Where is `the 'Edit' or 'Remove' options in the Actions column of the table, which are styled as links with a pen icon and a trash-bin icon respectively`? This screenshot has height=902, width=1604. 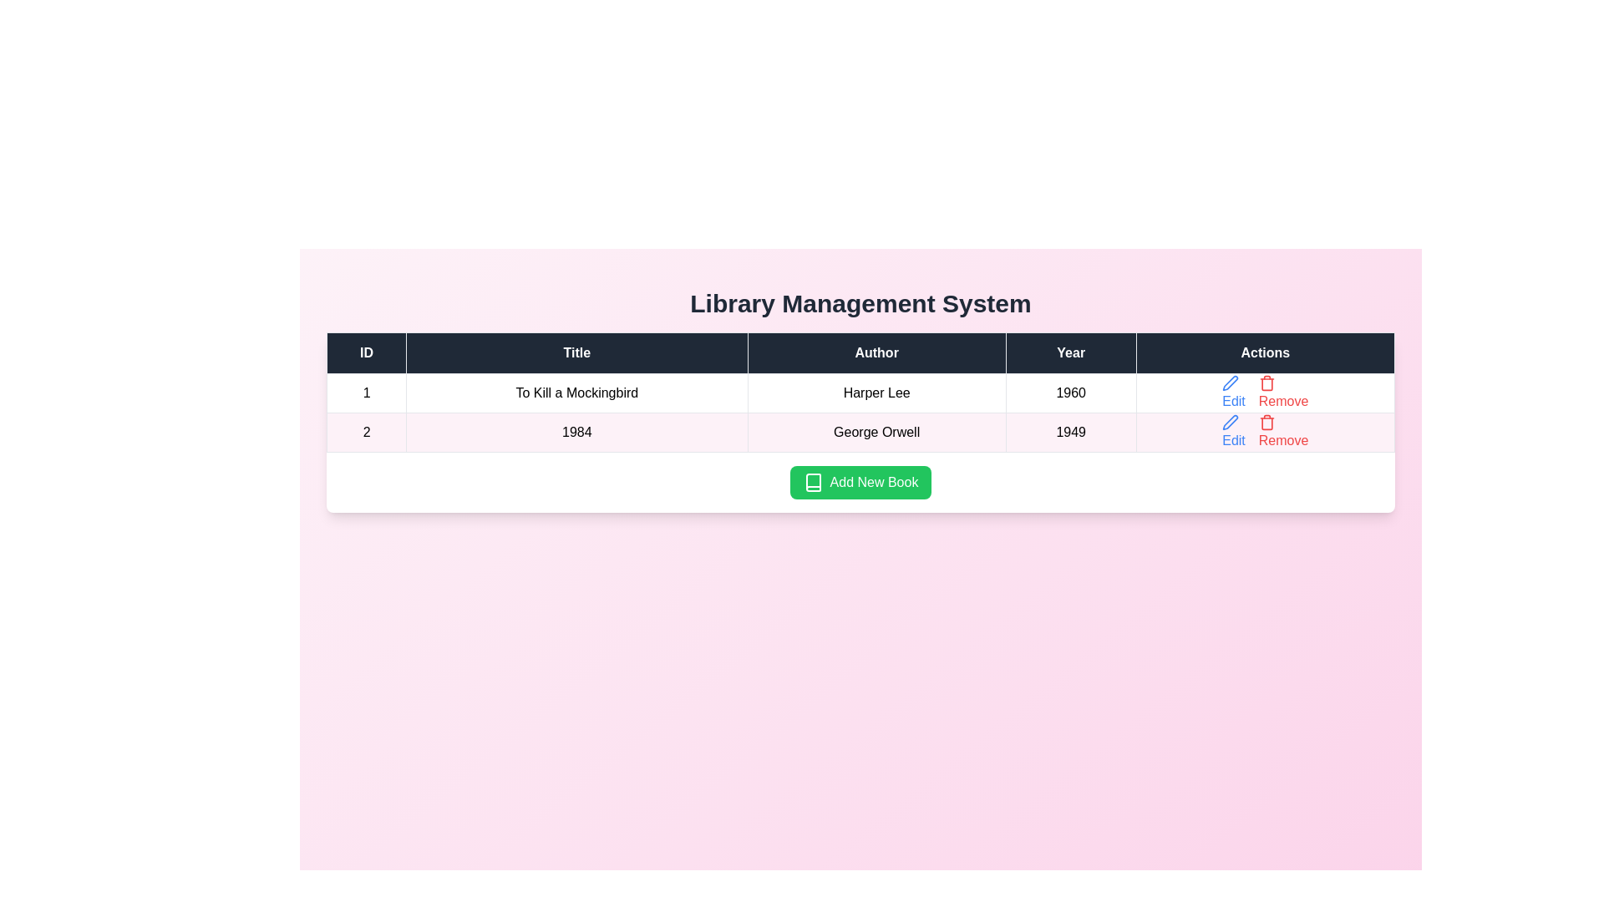 the 'Edit' or 'Remove' options in the Actions column of the table, which are styled as links with a pen icon and a trash-bin icon respectively is located at coordinates (1265, 431).